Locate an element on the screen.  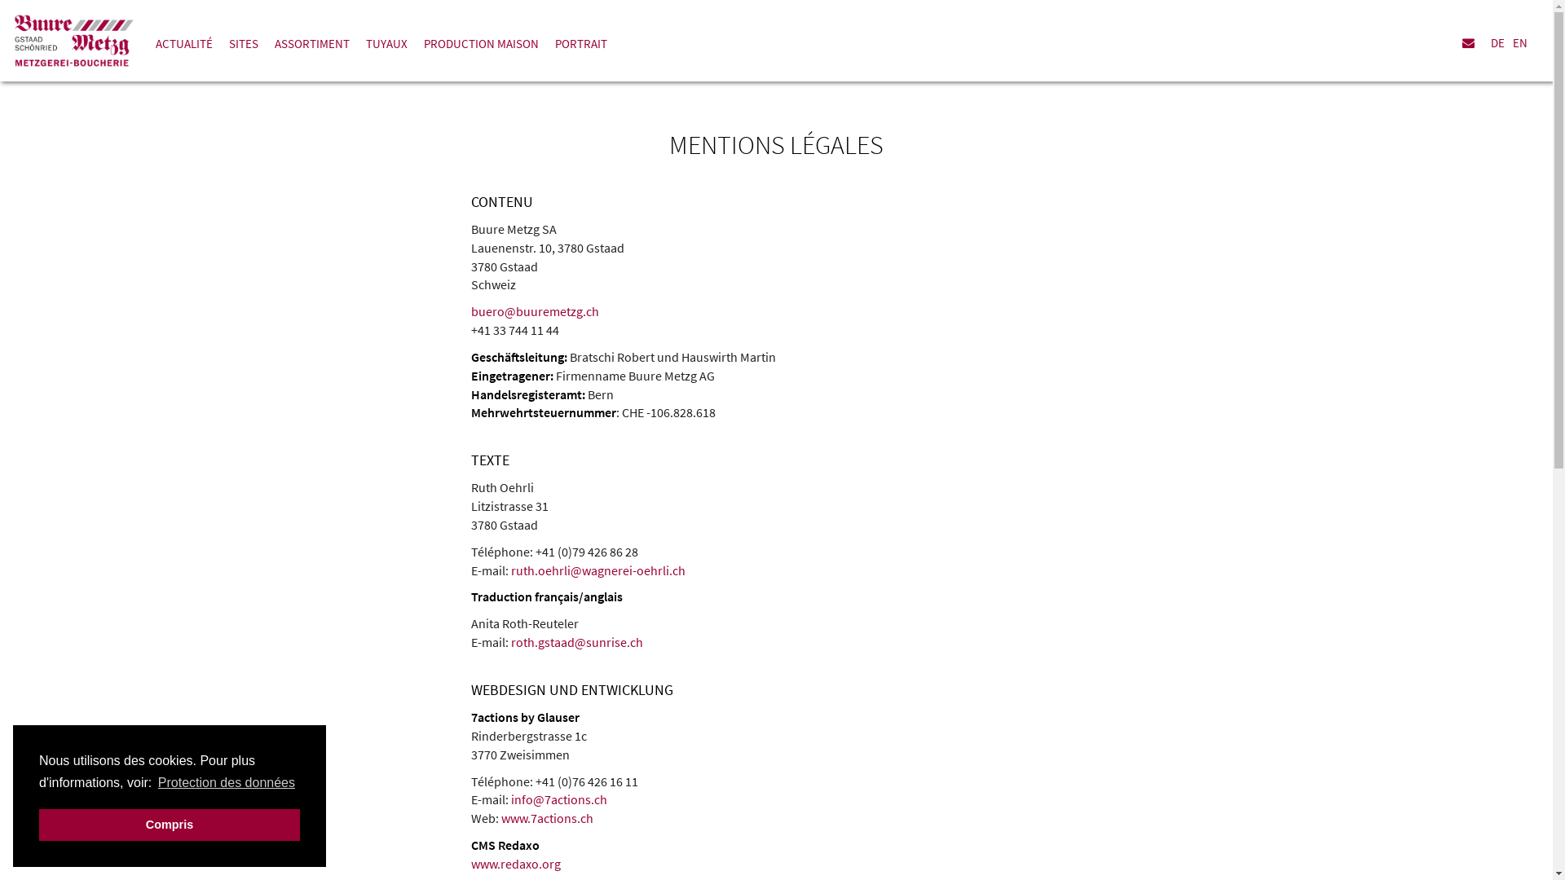
'ASSORTIMENT' is located at coordinates (312, 43).